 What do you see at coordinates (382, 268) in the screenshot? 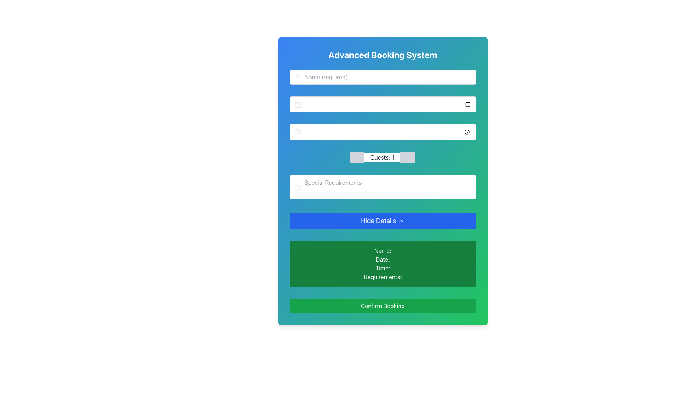
I see `the 'Time:' label text element, which is displayed in white font against a green background and is positioned between the 'Date:' and 'Requirements:' labels` at bounding box center [382, 268].